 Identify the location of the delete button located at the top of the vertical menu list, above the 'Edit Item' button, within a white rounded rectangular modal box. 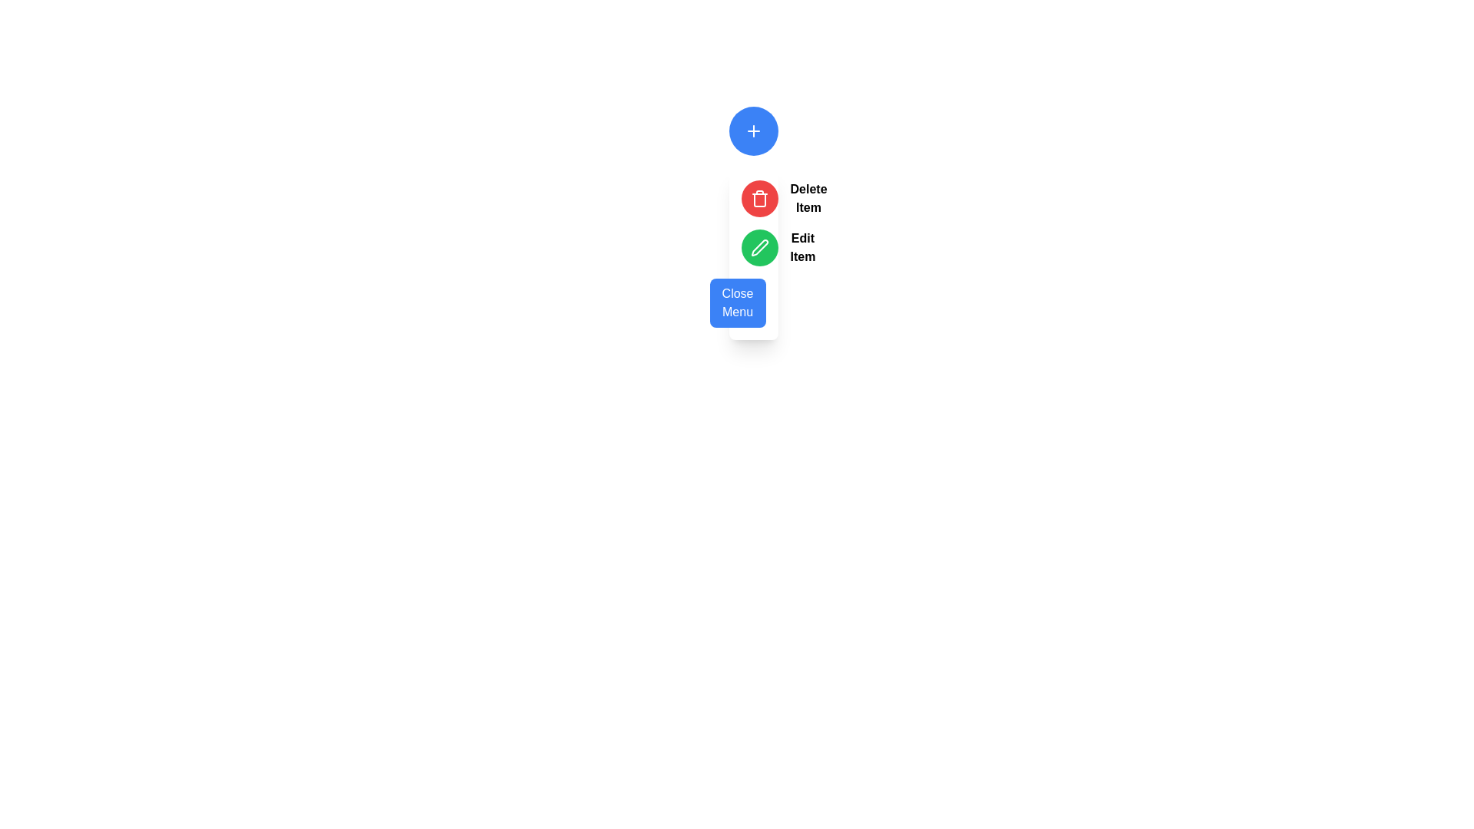
(753, 197).